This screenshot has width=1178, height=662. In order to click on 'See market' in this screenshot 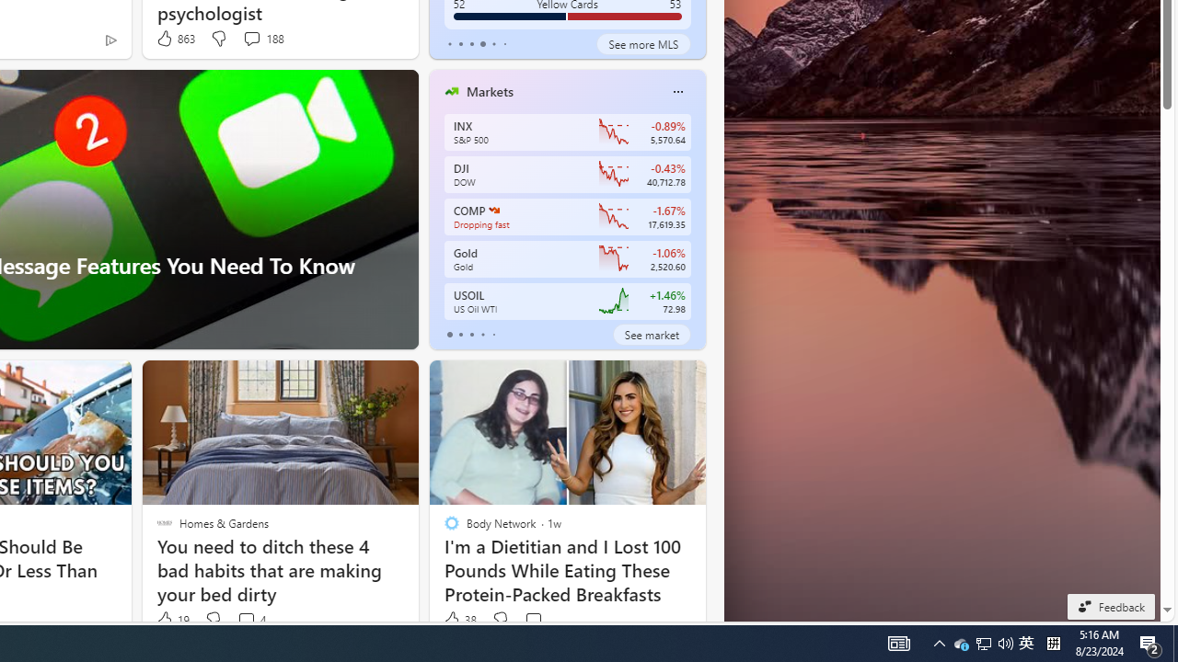, I will do `click(652, 334)`.